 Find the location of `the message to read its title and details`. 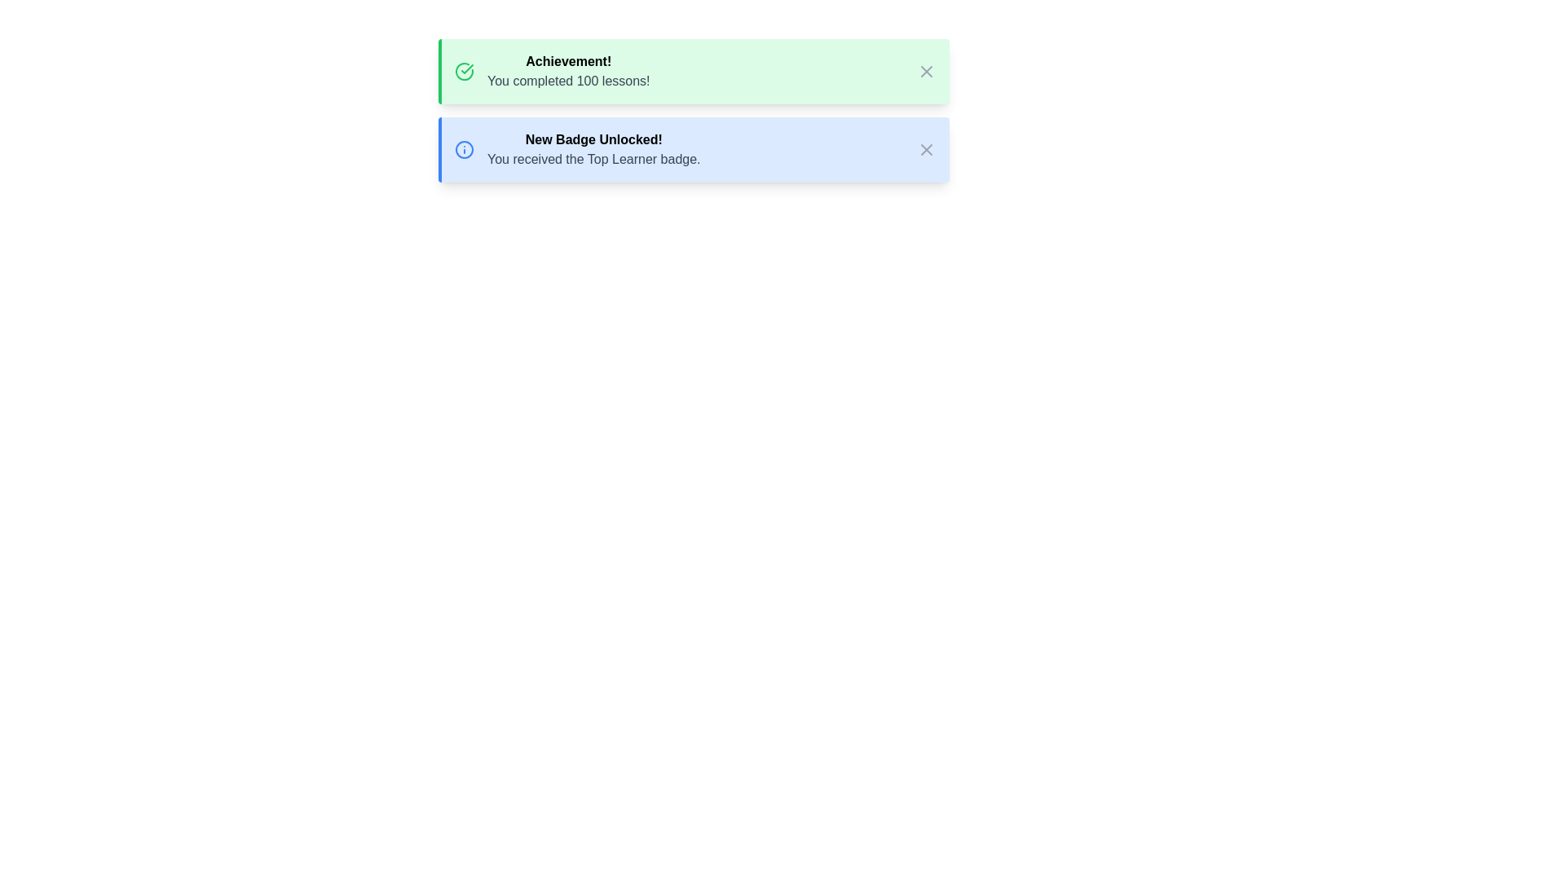

the message to read its title and details is located at coordinates (694, 71).